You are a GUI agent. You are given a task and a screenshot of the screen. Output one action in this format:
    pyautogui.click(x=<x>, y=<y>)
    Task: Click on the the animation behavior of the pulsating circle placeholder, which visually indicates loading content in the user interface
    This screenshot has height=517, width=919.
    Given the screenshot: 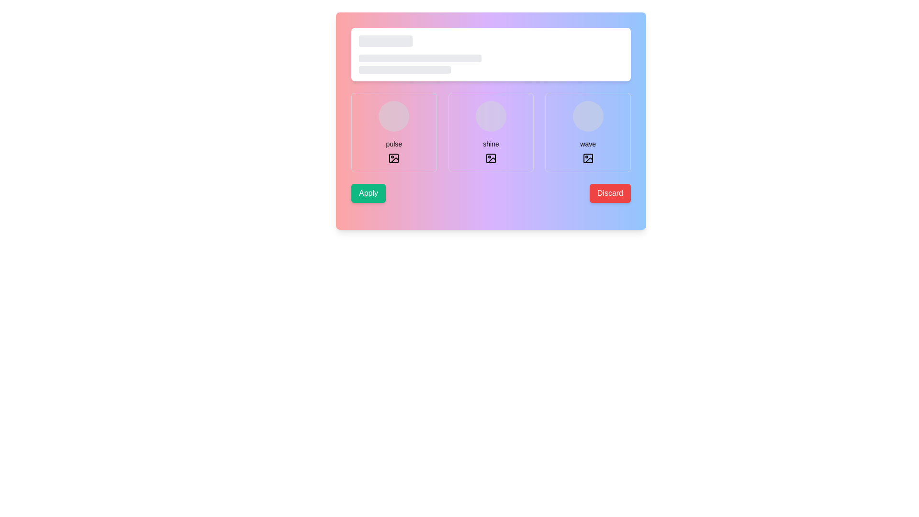 What is the action you would take?
    pyautogui.click(x=491, y=116)
    